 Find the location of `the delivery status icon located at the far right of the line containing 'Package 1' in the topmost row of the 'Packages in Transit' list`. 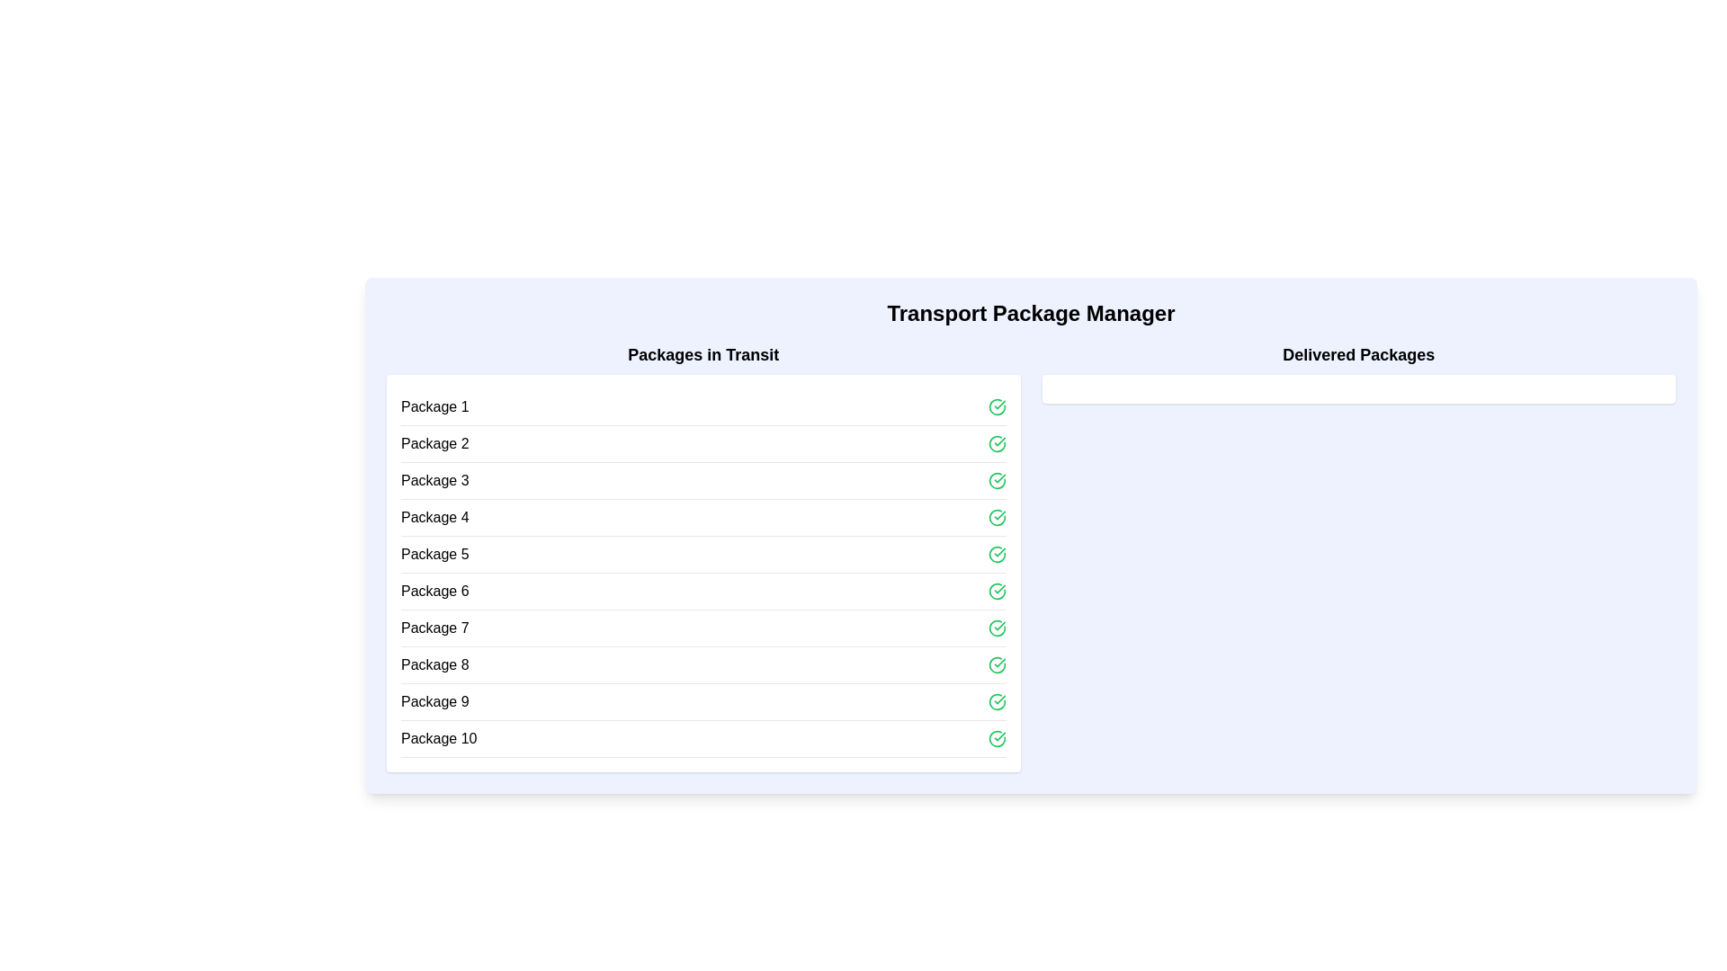

the delivery status icon located at the far right of the line containing 'Package 1' in the topmost row of the 'Packages in Transit' list is located at coordinates (996, 406).